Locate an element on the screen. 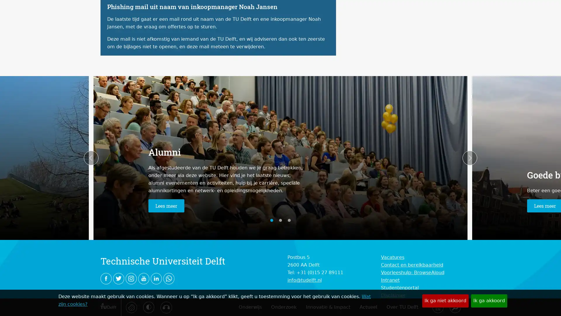 Image resolution: width=561 pixels, height=316 pixels. Luister met de ReachDeck-werkbalk is located at coordinates (165, 307).